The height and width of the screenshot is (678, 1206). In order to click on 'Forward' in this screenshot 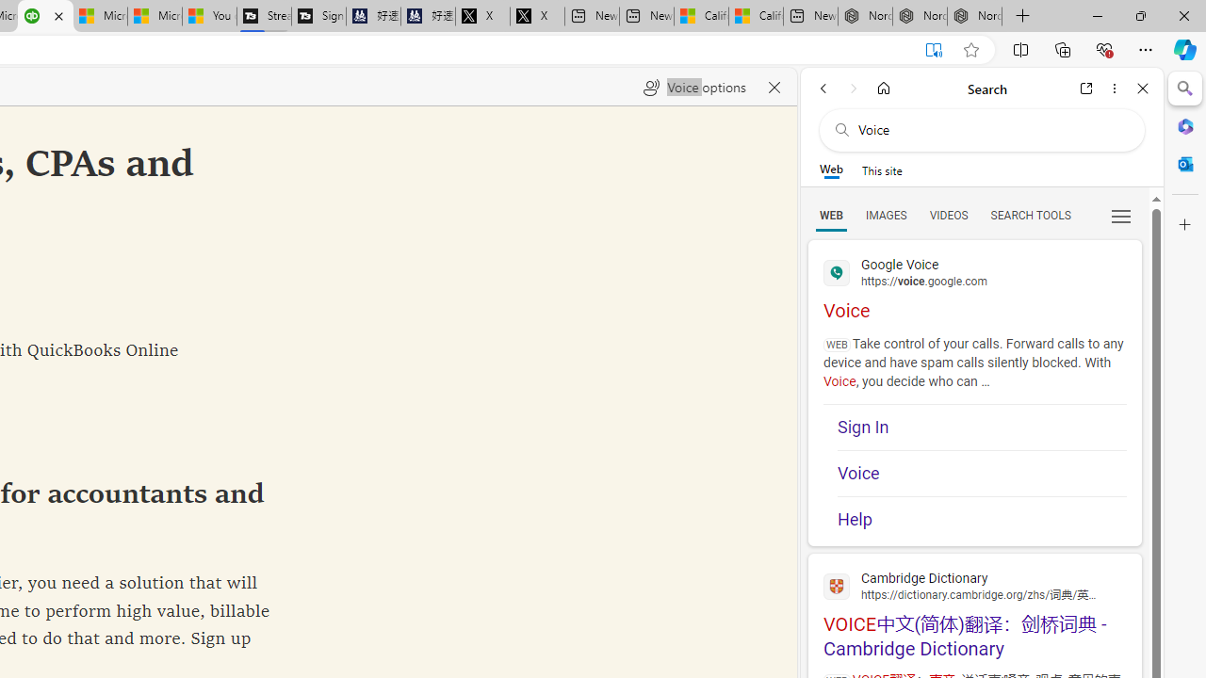, I will do `click(853, 88)`.